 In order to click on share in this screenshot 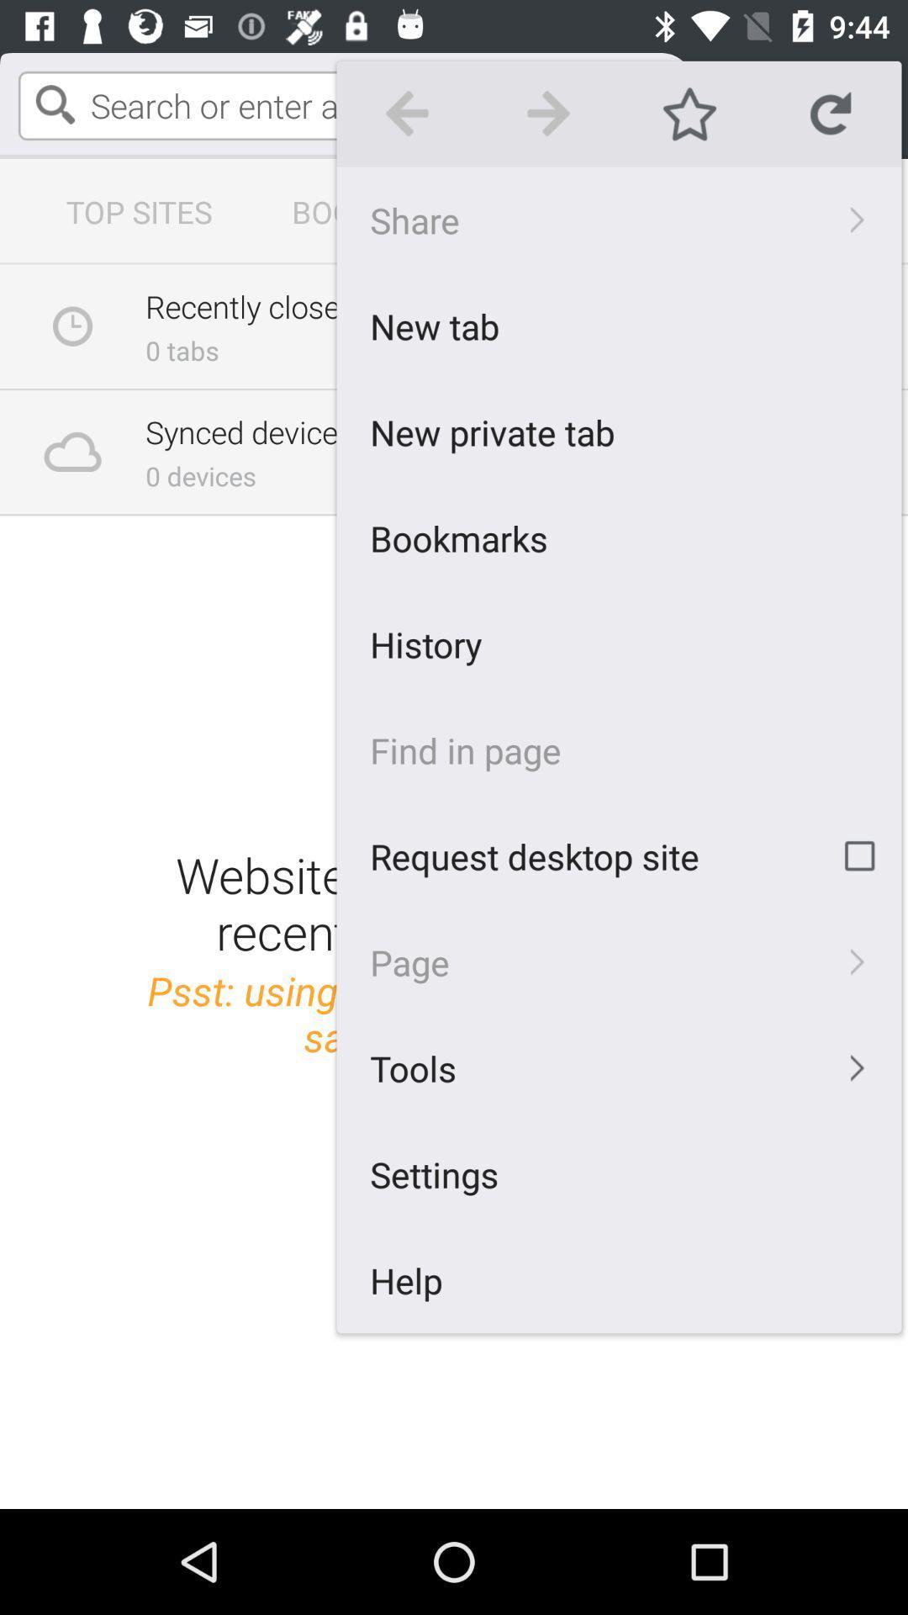, I will do `click(619, 219)`.